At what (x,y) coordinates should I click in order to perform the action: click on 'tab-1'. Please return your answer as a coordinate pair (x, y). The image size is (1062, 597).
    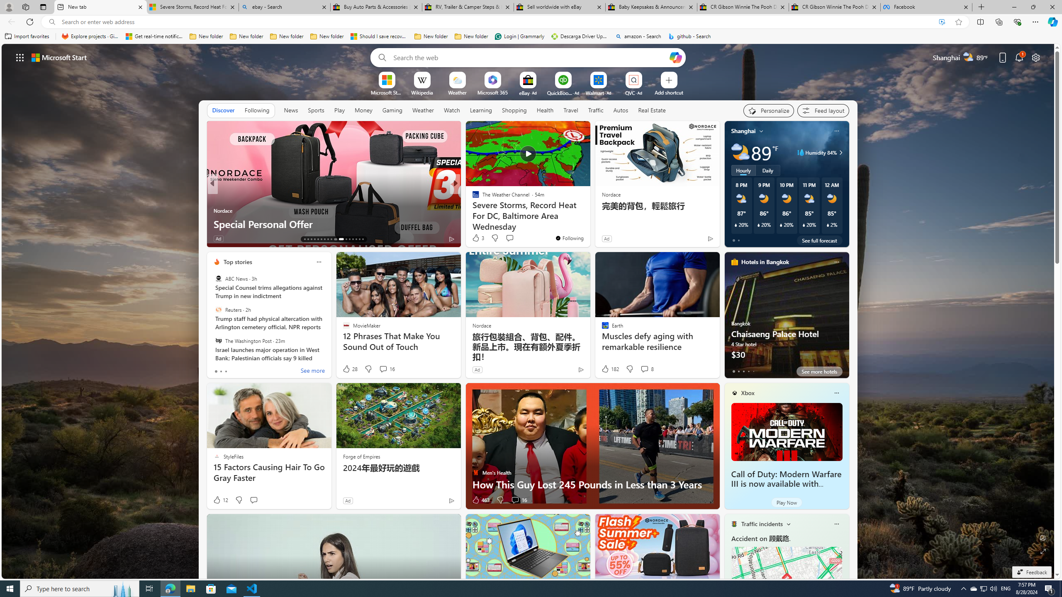
    Looking at the image, I should click on (738, 371).